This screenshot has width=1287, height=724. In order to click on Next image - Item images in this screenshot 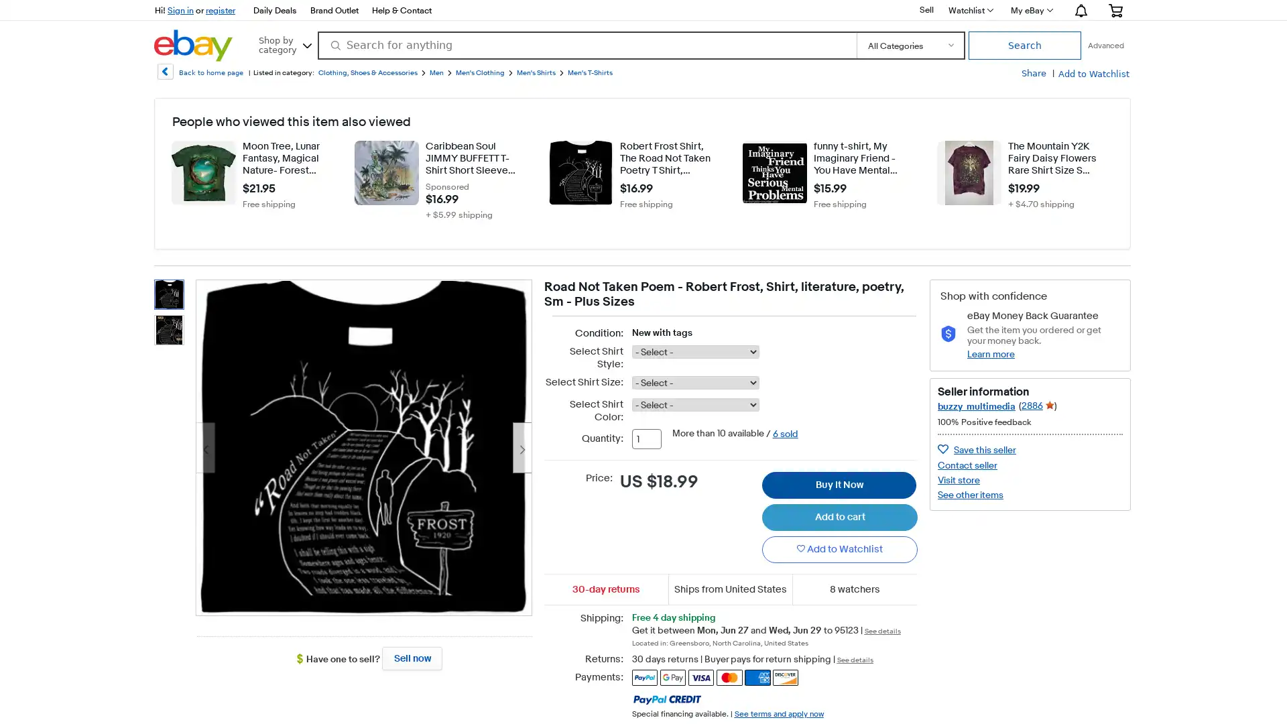, I will do `click(521, 447)`.